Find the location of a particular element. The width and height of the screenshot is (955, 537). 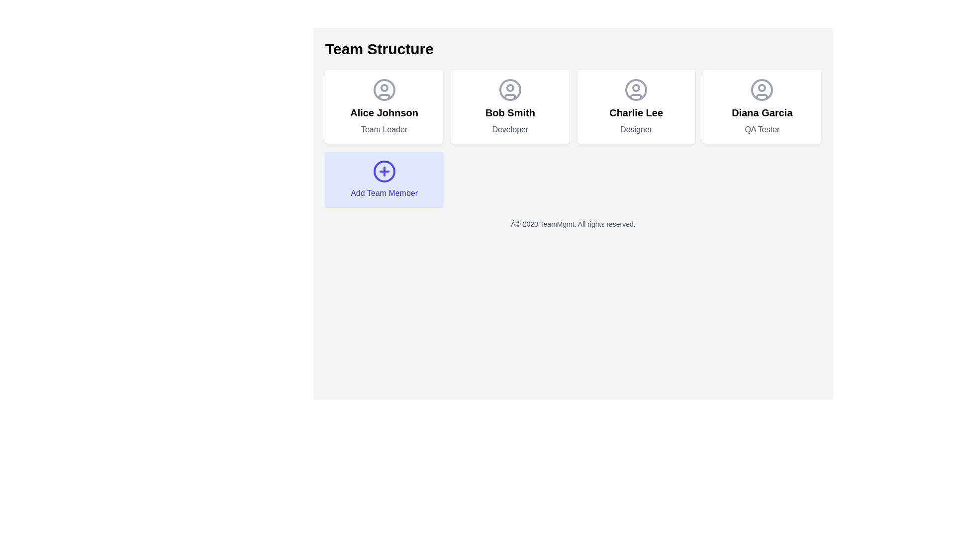

the decorative SVG Circle representing the status indicator within the 'Charlie Lee' user profile icon in the 'Team Structure' interface is located at coordinates (636, 88).